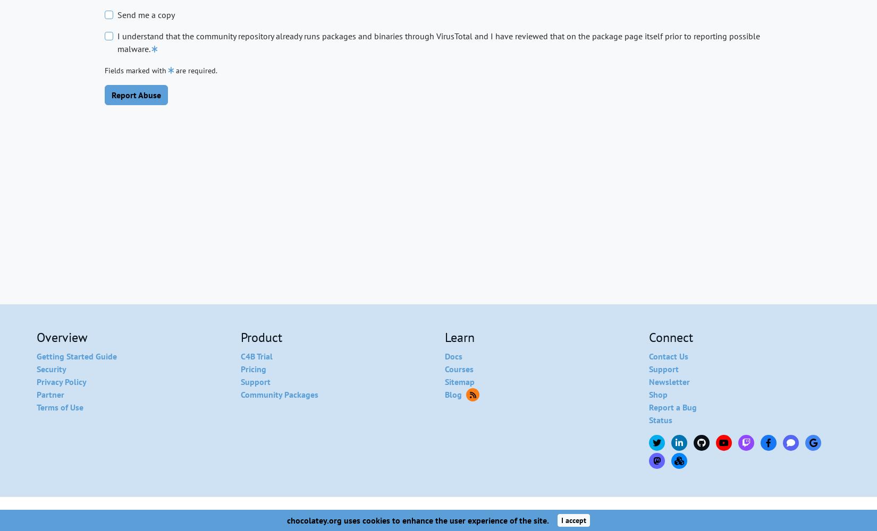 The width and height of the screenshot is (877, 531). What do you see at coordinates (574, 519) in the screenshot?
I see `'I accept'` at bounding box center [574, 519].